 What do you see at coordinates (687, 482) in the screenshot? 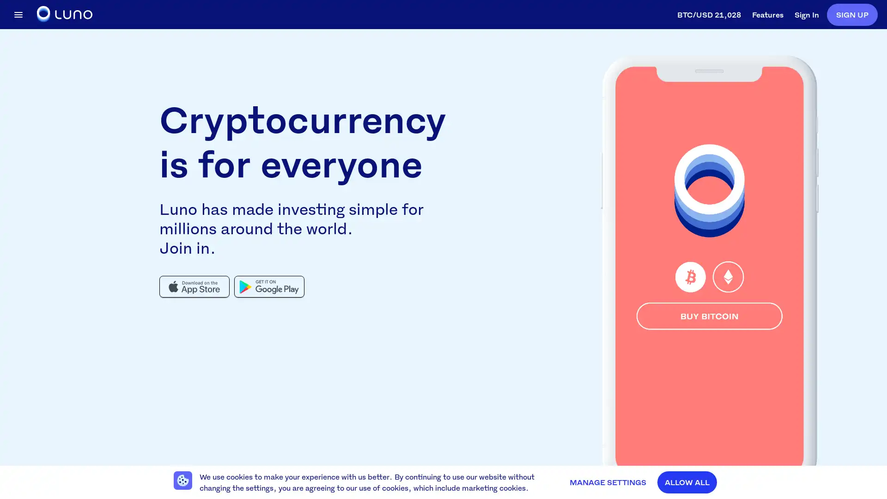
I see `ALLOW ALL` at bounding box center [687, 482].